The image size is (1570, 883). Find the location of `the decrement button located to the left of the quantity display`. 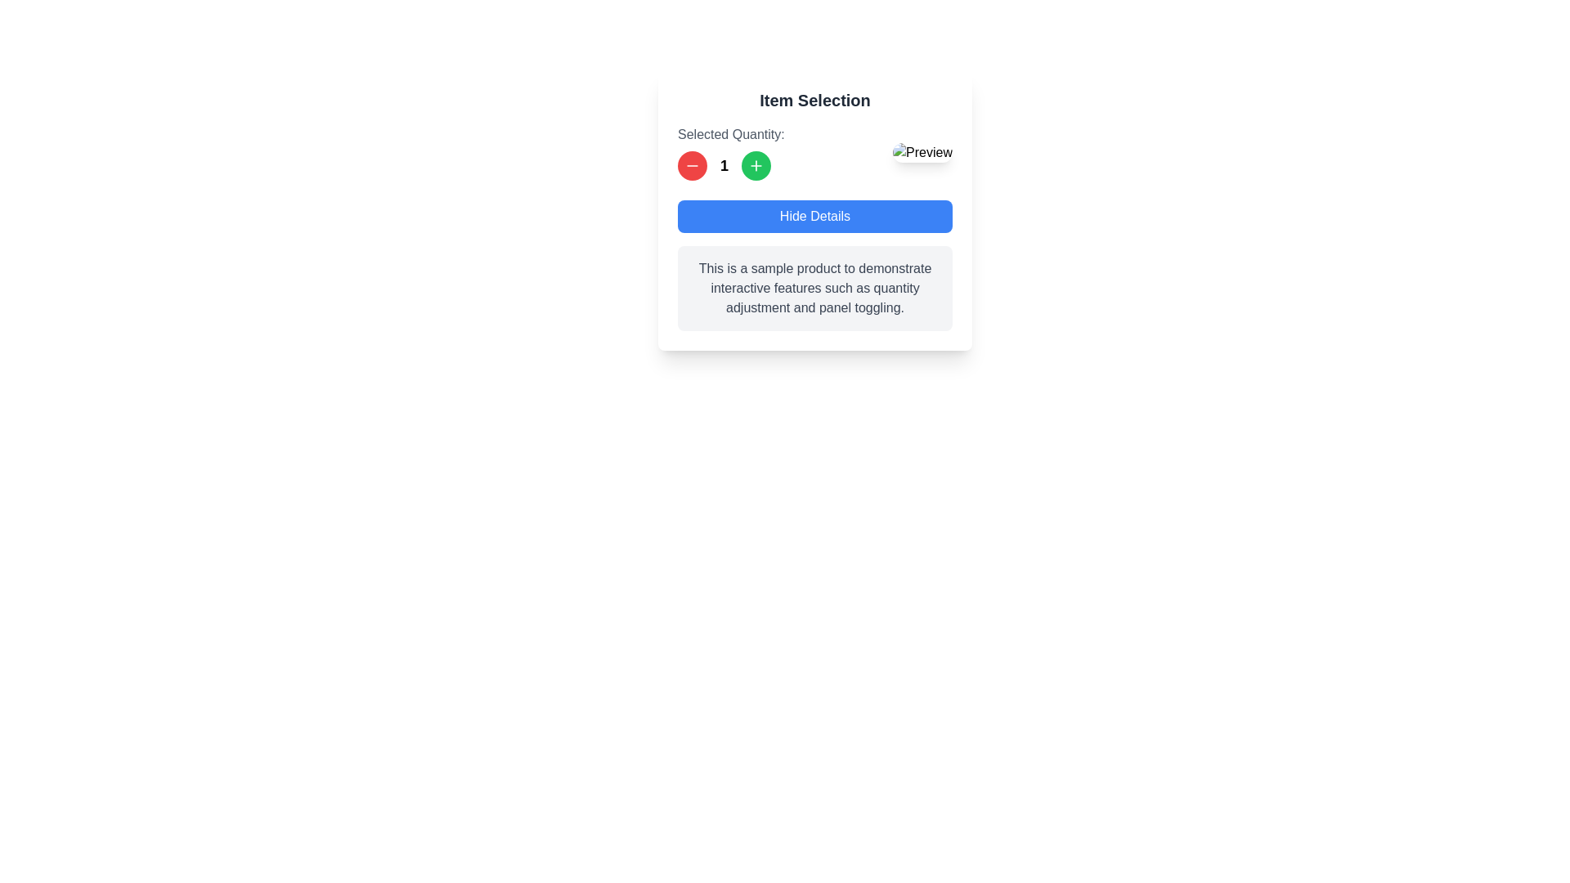

the decrement button located to the left of the quantity display is located at coordinates (692, 166).